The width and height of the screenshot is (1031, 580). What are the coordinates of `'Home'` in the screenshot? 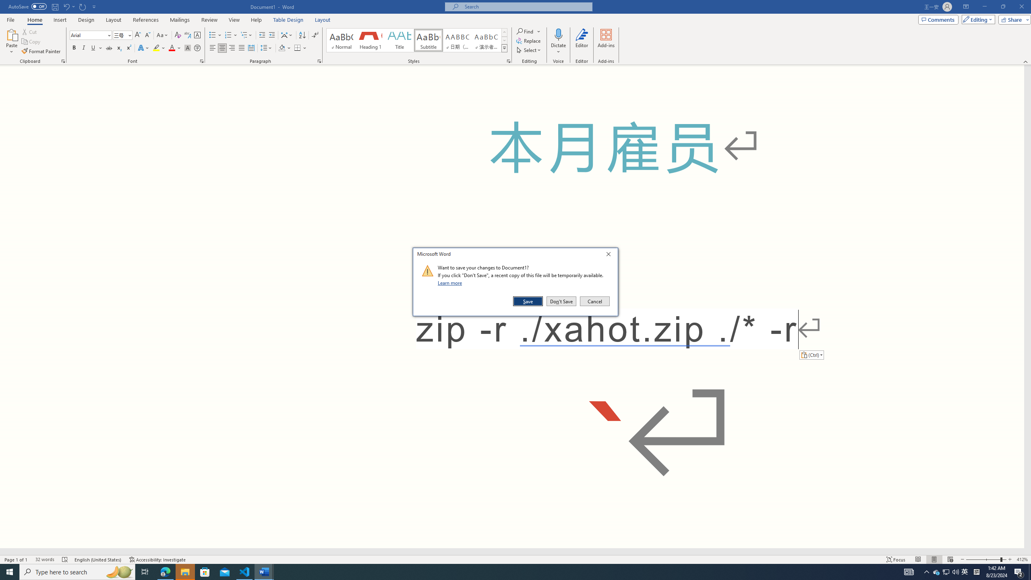 It's located at (34, 20).